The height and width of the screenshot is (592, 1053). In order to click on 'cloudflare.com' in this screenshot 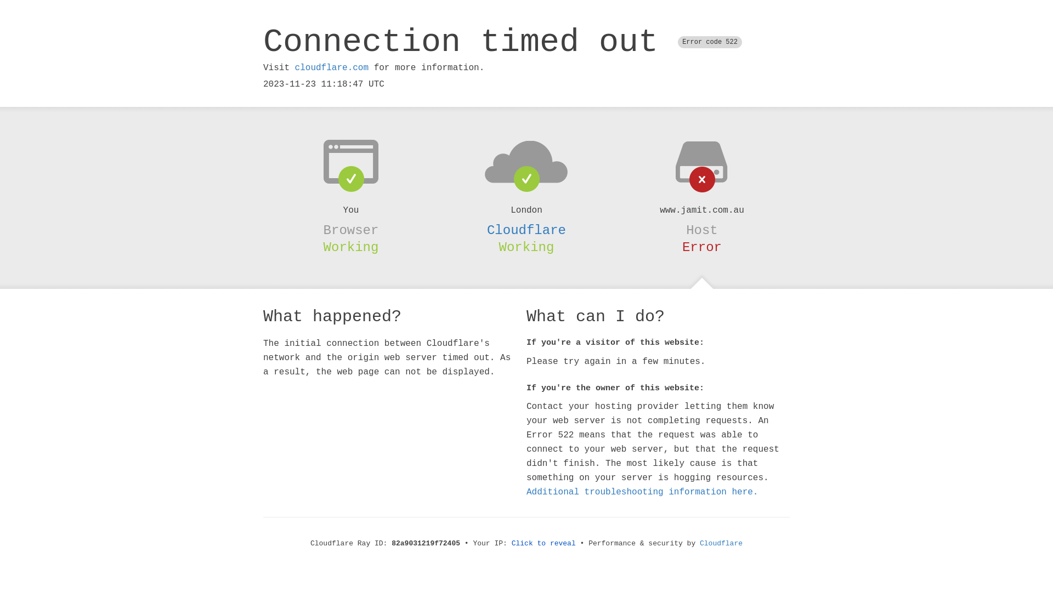, I will do `click(331, 67)`.